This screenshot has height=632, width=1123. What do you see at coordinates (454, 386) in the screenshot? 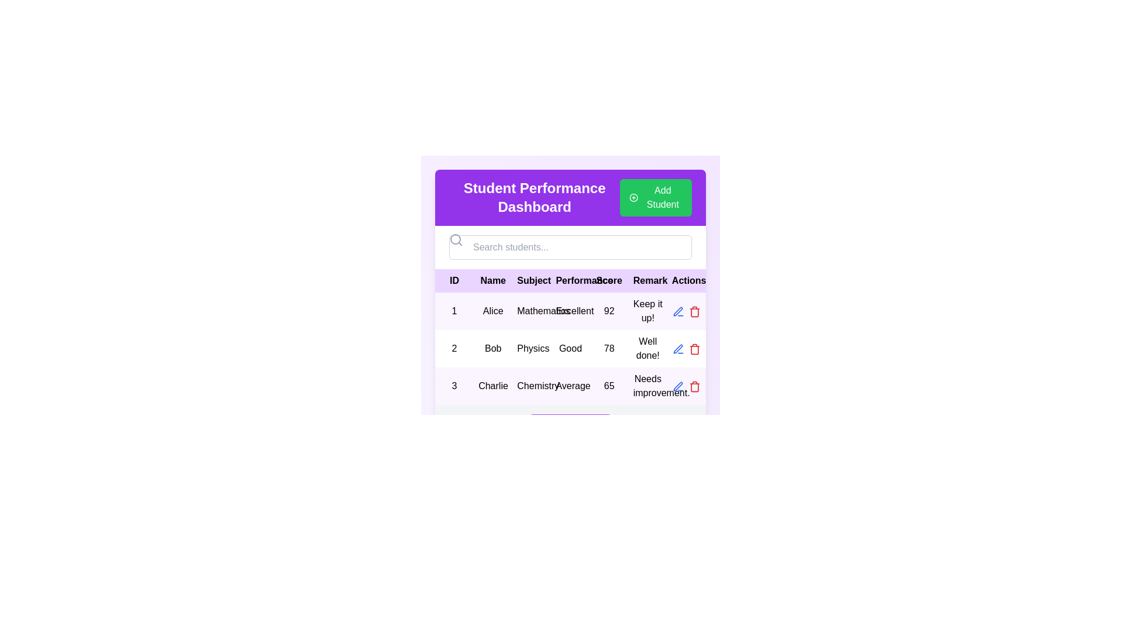
I see `the text label displaying the digit '3' in the first column of the third row of the table to associate it with its row contents` at bounding box center [454, 386].